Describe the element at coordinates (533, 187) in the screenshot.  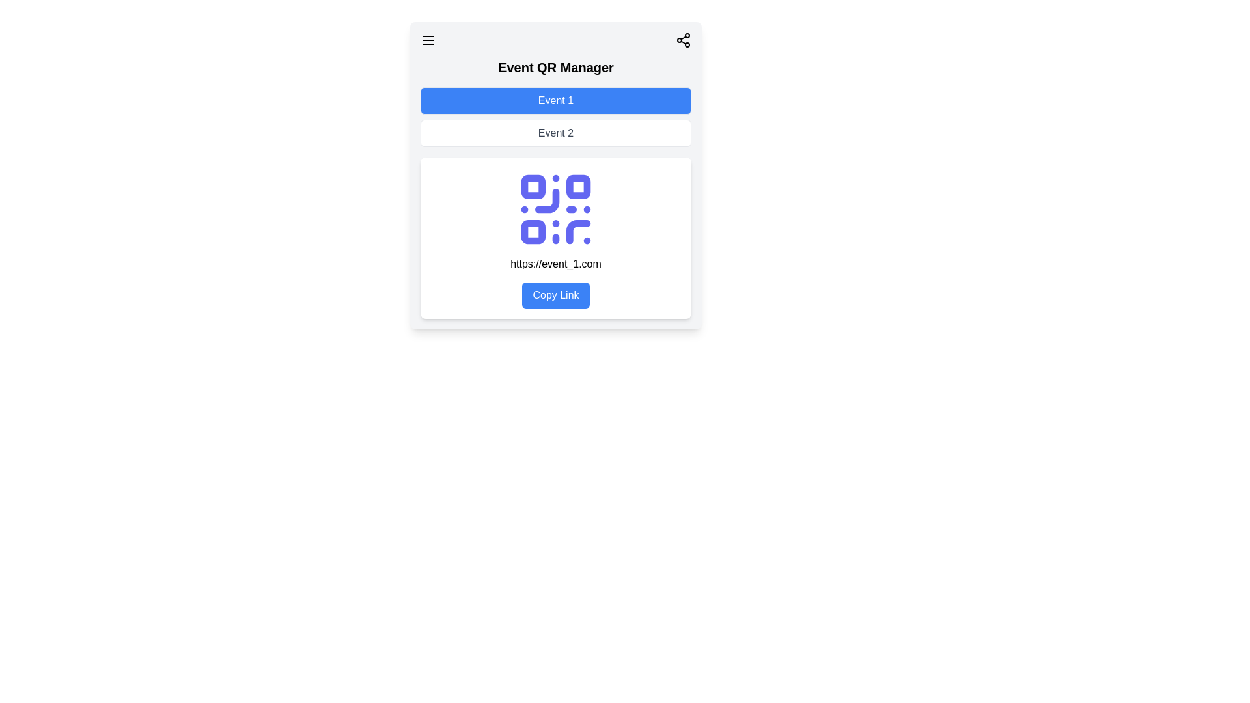
I see `the small, light purple square block with rounded corners located in the upper-left section of the QR code` at that location.